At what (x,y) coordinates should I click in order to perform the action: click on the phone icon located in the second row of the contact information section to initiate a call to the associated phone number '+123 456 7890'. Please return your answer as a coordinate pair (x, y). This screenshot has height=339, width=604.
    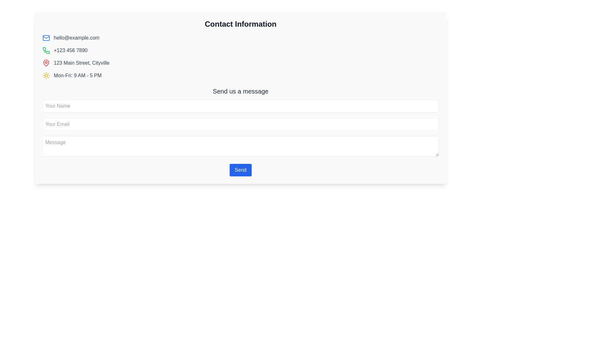
    Looking at the image, I should click on (46, 50).